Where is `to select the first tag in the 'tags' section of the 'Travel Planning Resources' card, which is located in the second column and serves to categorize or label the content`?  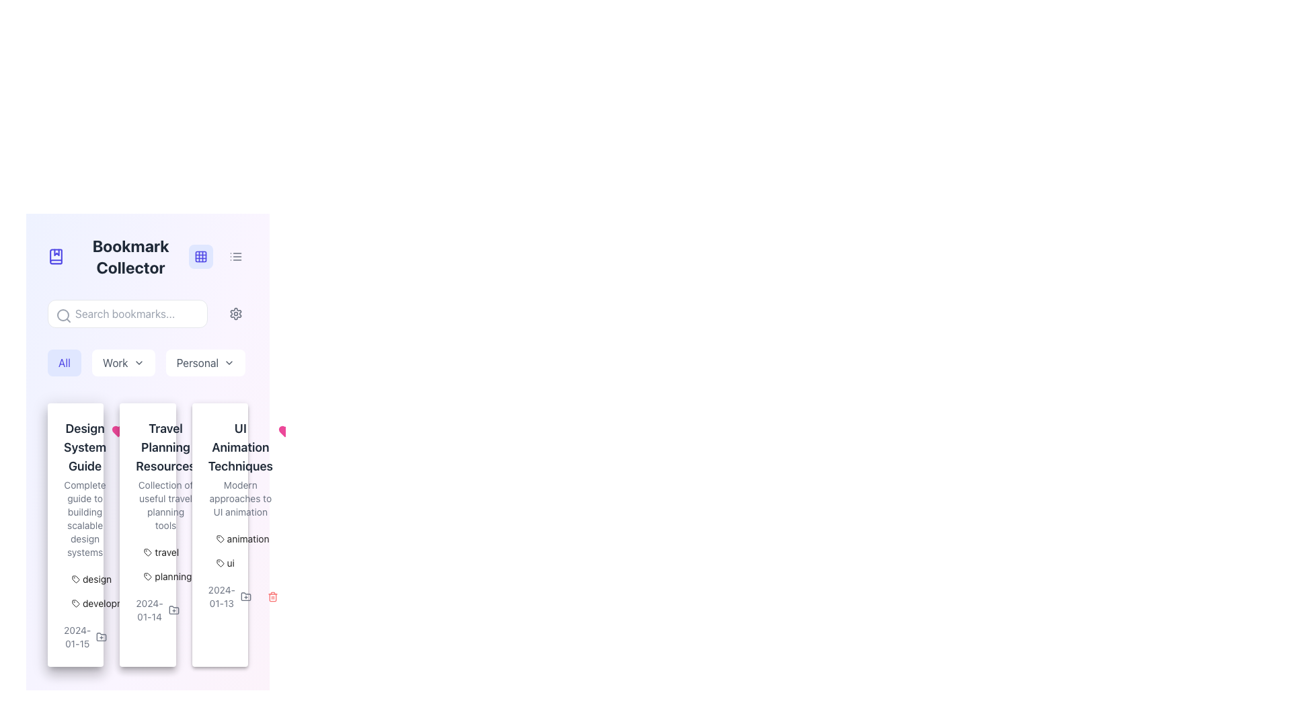
to select the first tag in the 'tags' section of the 'Travel Planning Resources' card, which is located in the second column and serves to categorize or label the content is located at coordinates (161, 552).